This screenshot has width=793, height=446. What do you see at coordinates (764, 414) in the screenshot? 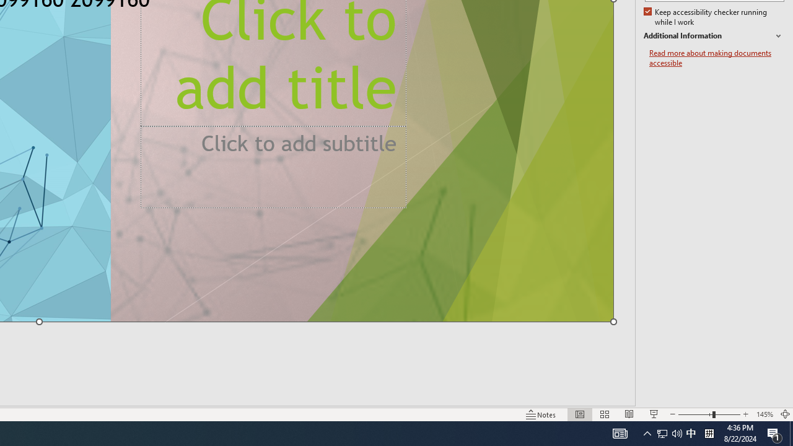
I see `'Zoom 145%'` at bounding box center [764, 414].